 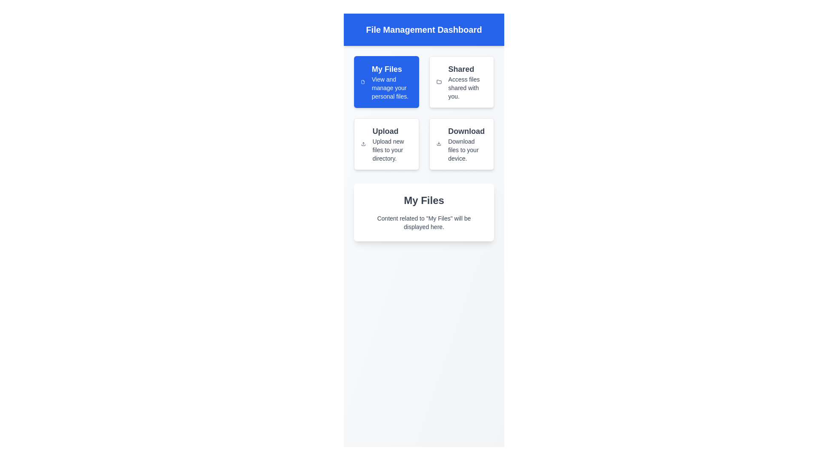 I want to click on the text label displaying 'Shared', which is styled with a large, bold font and positioned in the top-right corner of a card-like section, so click(x=467, y=68).